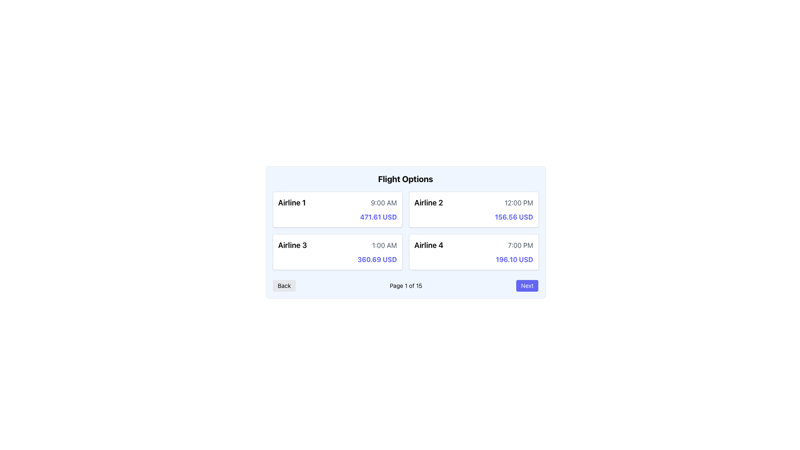 This screenshot has width=800, height=450. Describe the element at coordinates (428, 202) in the screenshot. I see `the static text label displaying 'Airline 2' located in the upper-right quadrant of the flight options layout` at that location.